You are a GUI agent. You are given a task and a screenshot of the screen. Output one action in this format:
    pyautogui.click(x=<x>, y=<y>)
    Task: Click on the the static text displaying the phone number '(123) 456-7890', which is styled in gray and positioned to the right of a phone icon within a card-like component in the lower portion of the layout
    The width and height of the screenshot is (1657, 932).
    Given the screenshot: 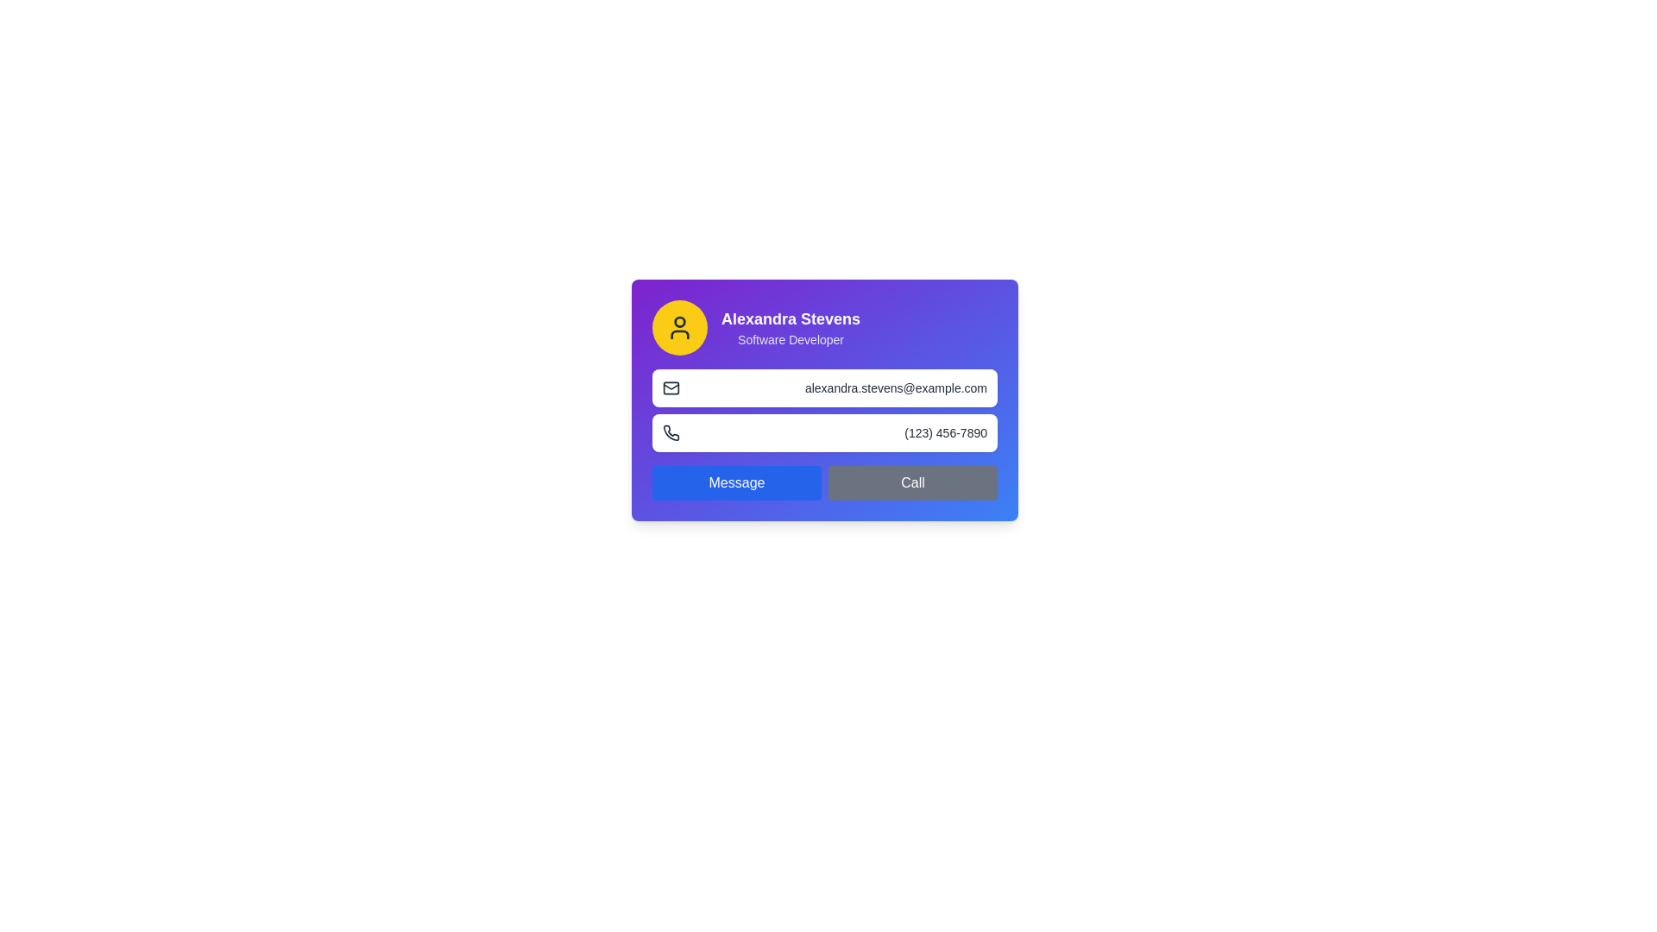 What is the action you would take?
    pyautogui.click(x=945, y=431)
    